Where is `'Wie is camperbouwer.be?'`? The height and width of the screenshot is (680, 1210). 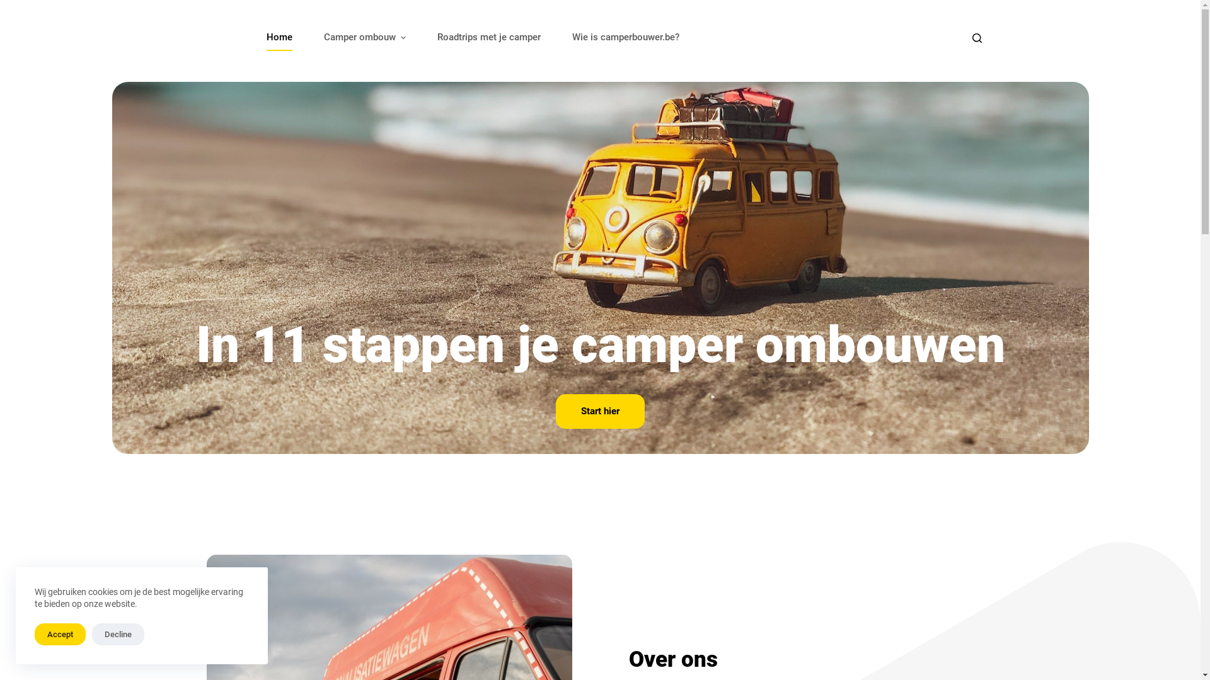 'Wie is camperbouwer.be?' is located at coordinates (625, 37).